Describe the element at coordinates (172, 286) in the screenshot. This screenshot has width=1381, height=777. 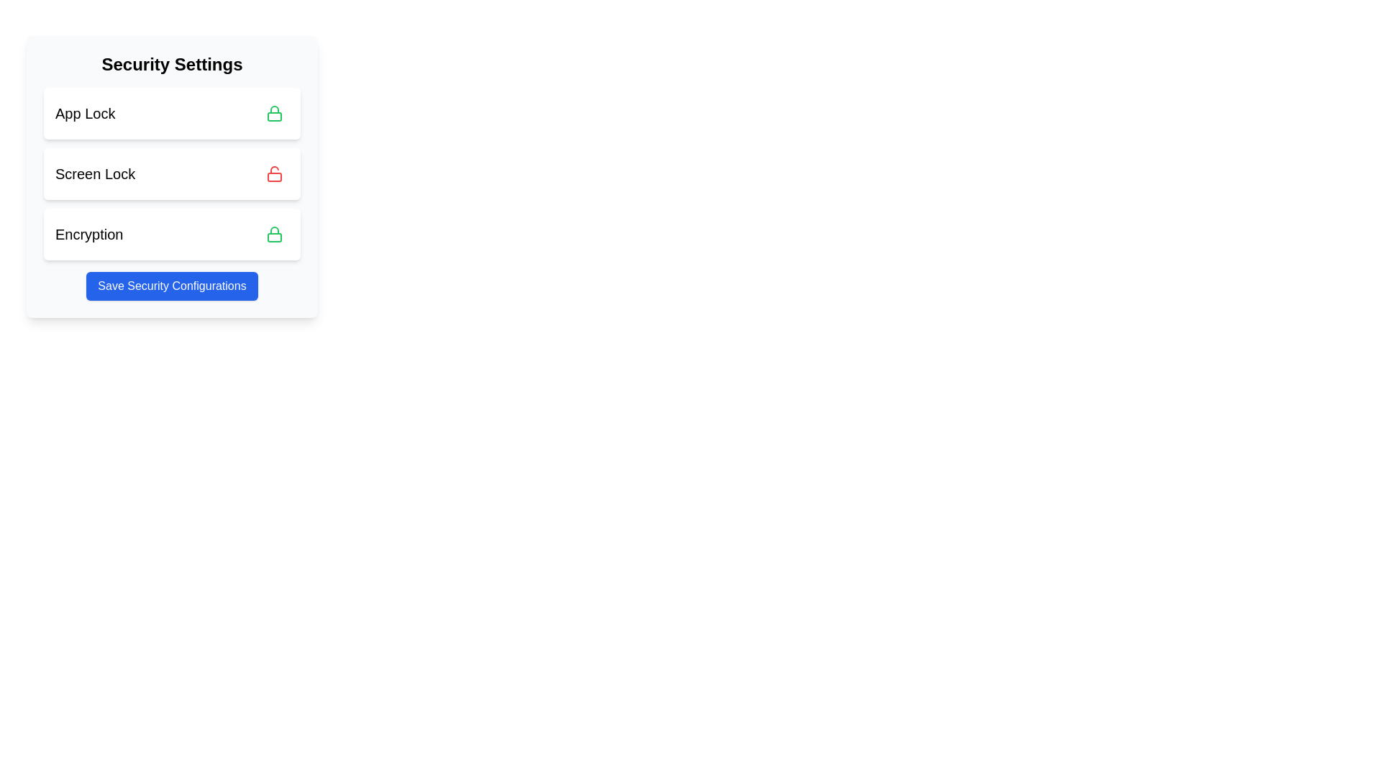
I see `'Save Security Configurations' button` at that location.